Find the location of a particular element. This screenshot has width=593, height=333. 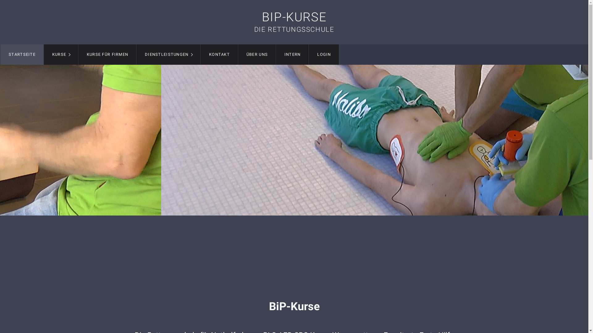

'BIP-KURSE' is located at coordinates (262, 17).